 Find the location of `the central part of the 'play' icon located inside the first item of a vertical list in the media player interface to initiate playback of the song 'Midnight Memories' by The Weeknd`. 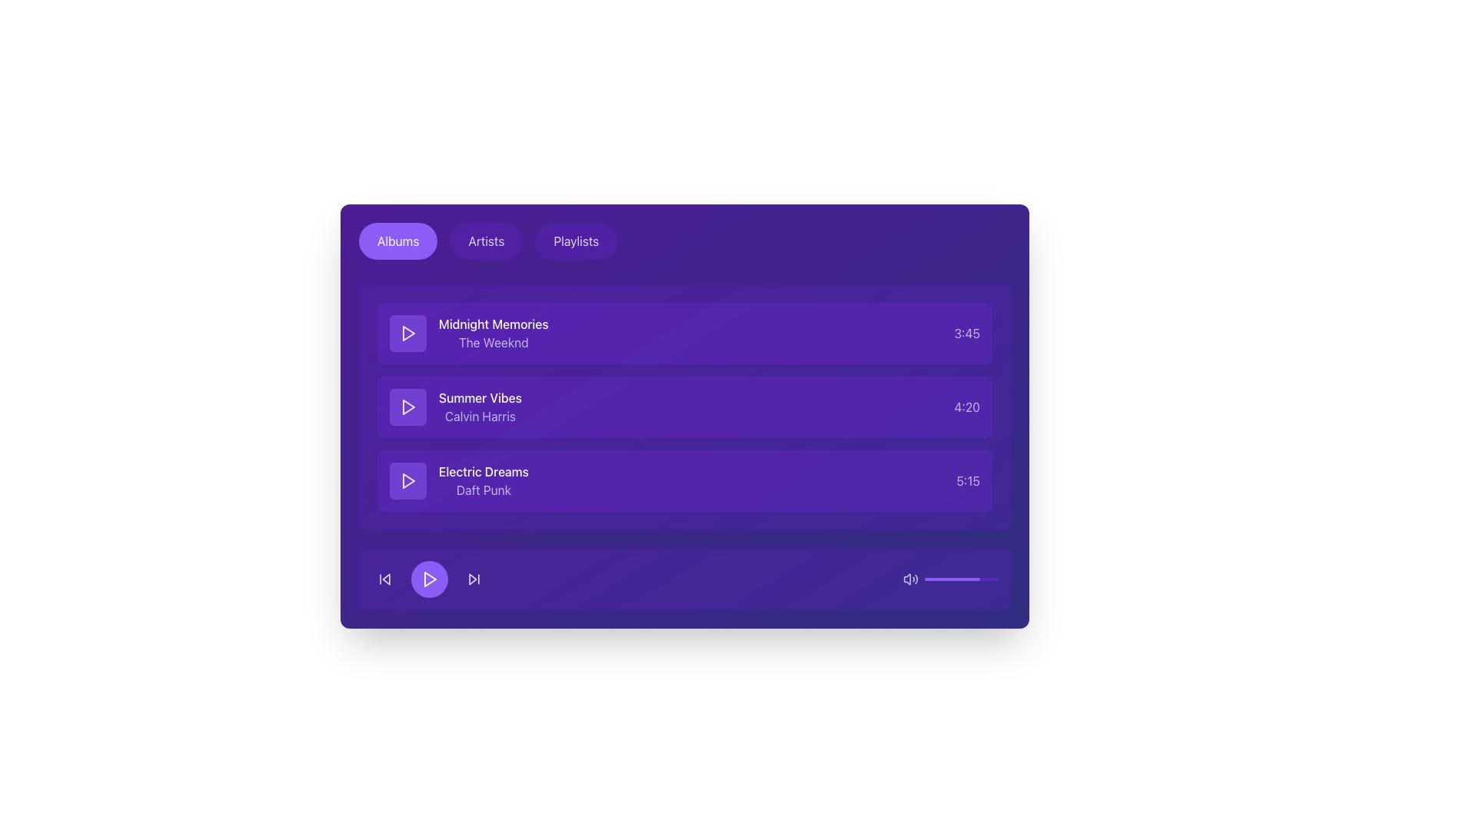

the central part of the 'play' icon located inside the first item of a vertical list in the media player interface to initiate playback of the song 'Midnight Memories' by The Weeknd is located at coordinates (409, 333).